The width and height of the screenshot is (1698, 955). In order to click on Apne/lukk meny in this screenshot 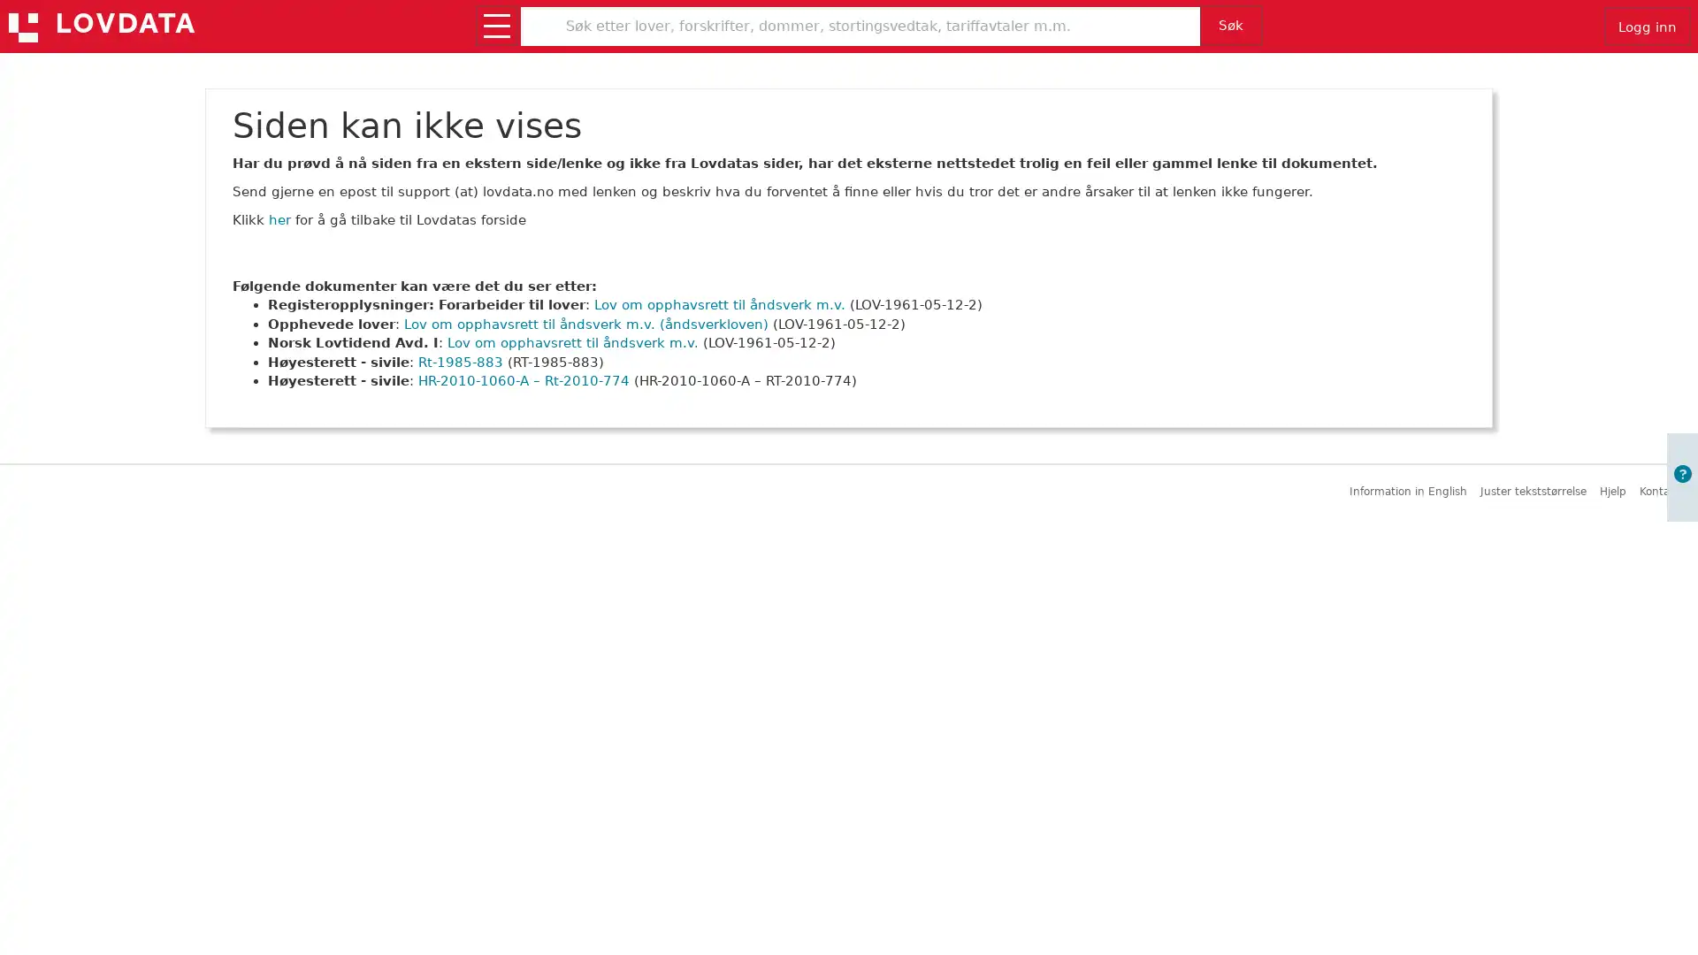, I will do `click(495, 26)`.